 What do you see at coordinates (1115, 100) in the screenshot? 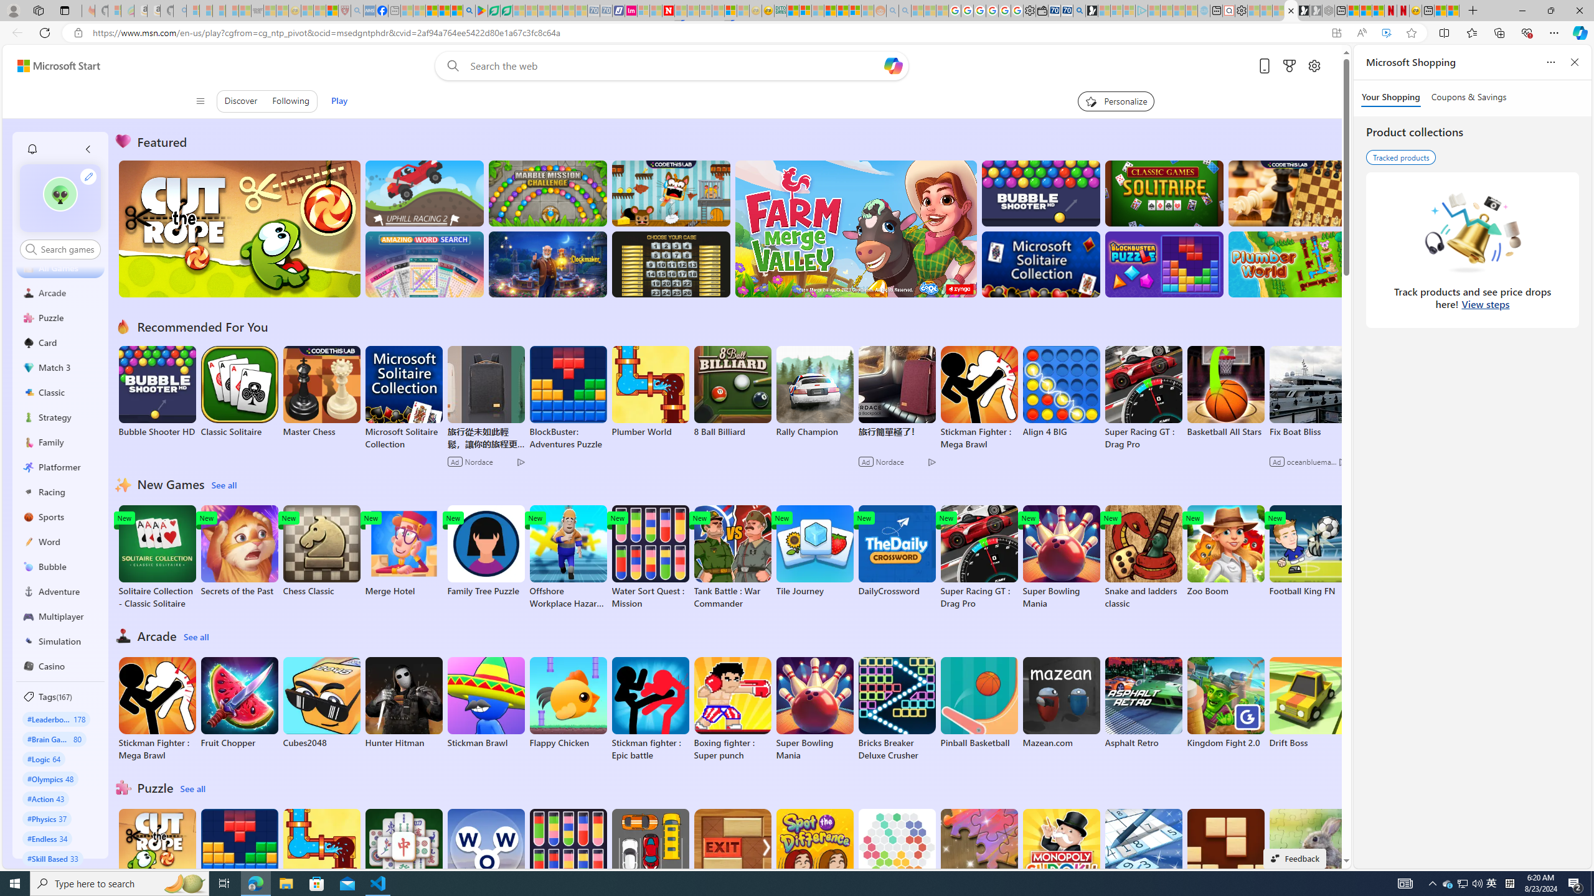
I see `'Personalize your feed"'` at bounding box center [1115, 100].